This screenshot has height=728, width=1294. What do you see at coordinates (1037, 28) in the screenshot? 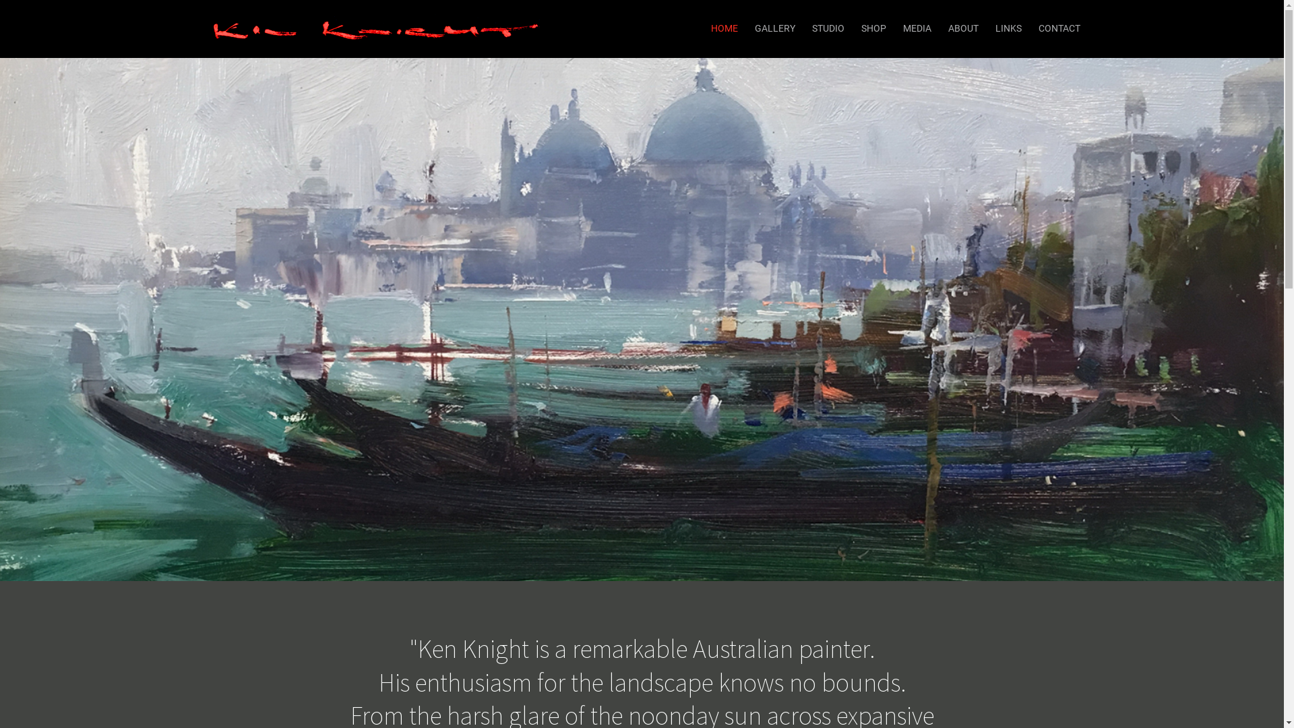
I see `'CONTACT'` at bounding box center [1037, 28].